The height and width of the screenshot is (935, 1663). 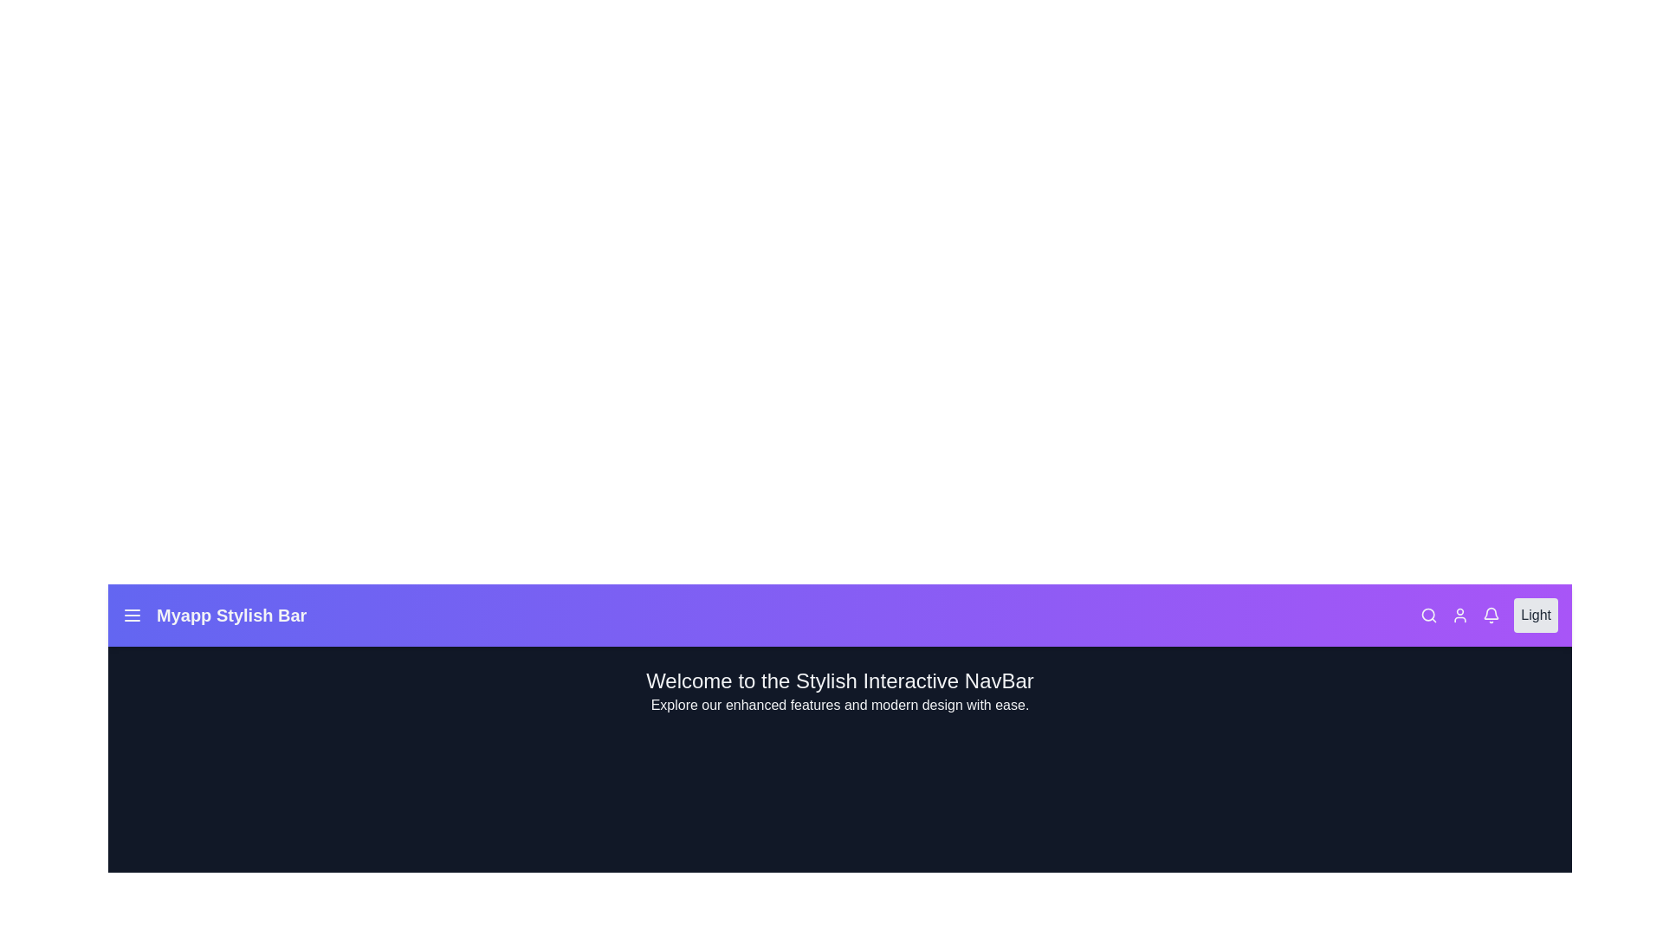 What do you see at coordinates (1491, 614) in the screenshot?
I see `the bell icon to view notifications` at bounding box center [1491, 614].